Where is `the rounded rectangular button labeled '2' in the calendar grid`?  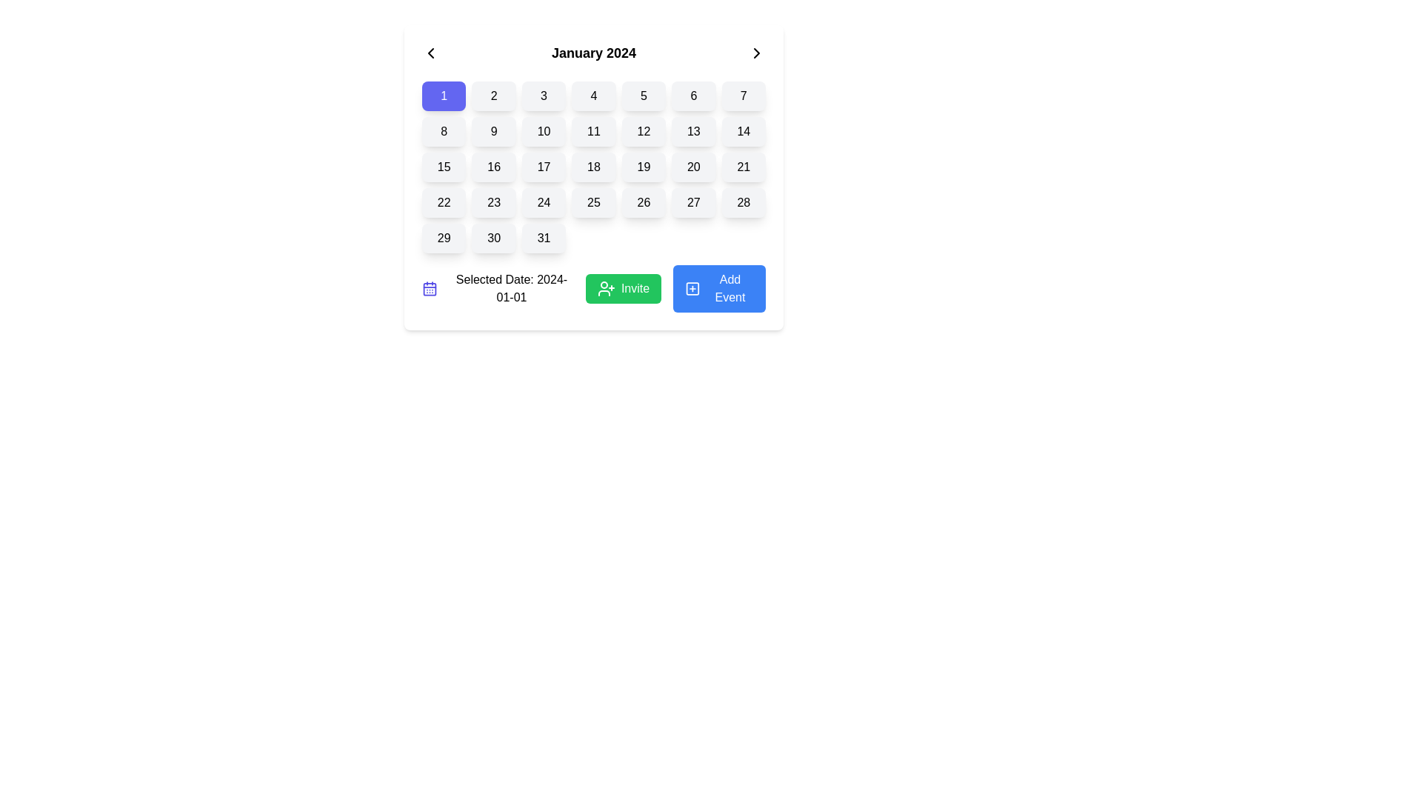
the rounded rectangular button labeled '2' in the calendar grid is located at coordinates (494, 96).